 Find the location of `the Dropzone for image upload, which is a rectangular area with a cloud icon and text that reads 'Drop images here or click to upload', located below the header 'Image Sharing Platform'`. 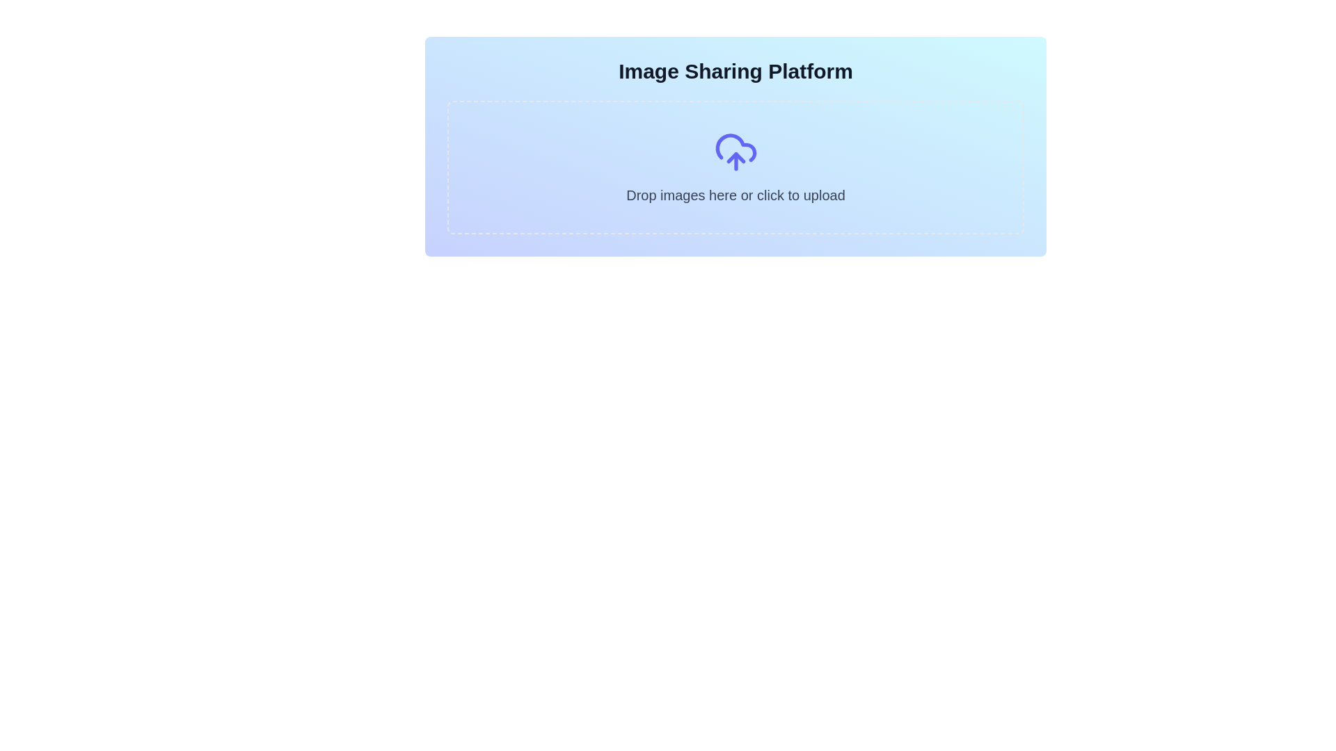

the Dropzone for image upload, which is a rectangular area with a cloud icon and text that reads 'Drop images here or click to upload', located below the header 'Image Sharing Platform' is located at coordinates (735, 166).